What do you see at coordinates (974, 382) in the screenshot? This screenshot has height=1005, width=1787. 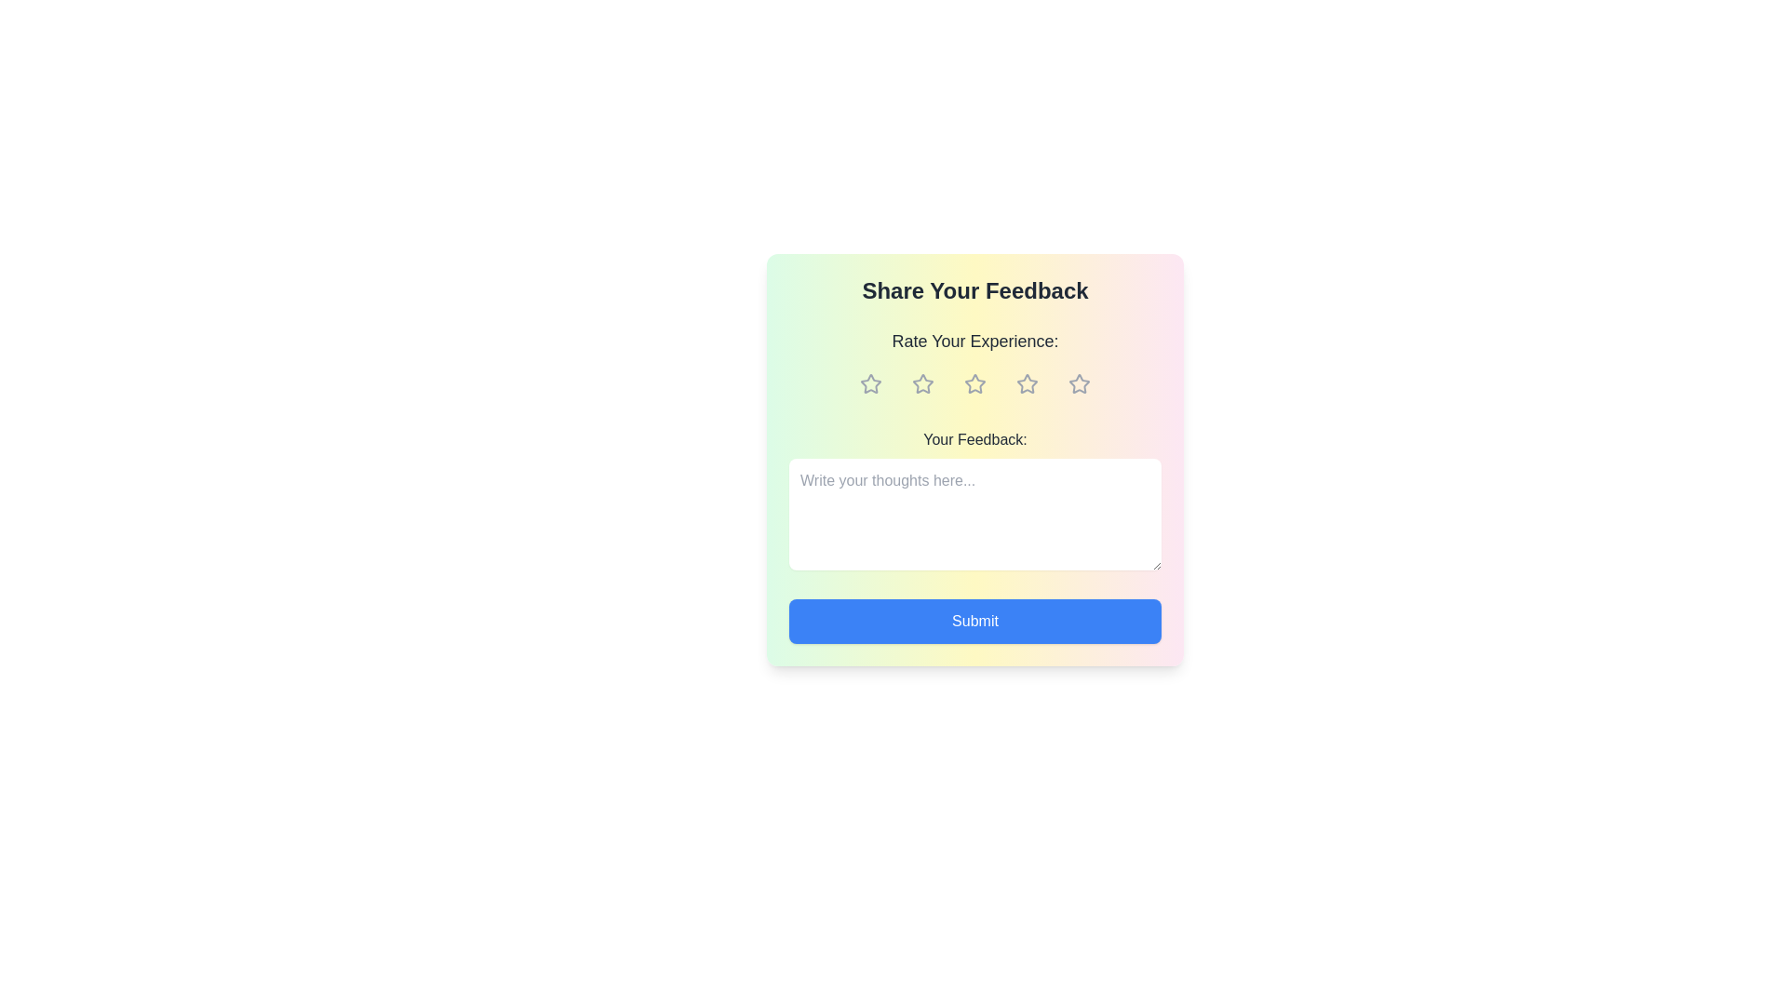 I see `the third star icon in the horizontal row of rating stars below the text 'Rate Your Experience' to indicate a potential rating` at bounding box center [974, 382].